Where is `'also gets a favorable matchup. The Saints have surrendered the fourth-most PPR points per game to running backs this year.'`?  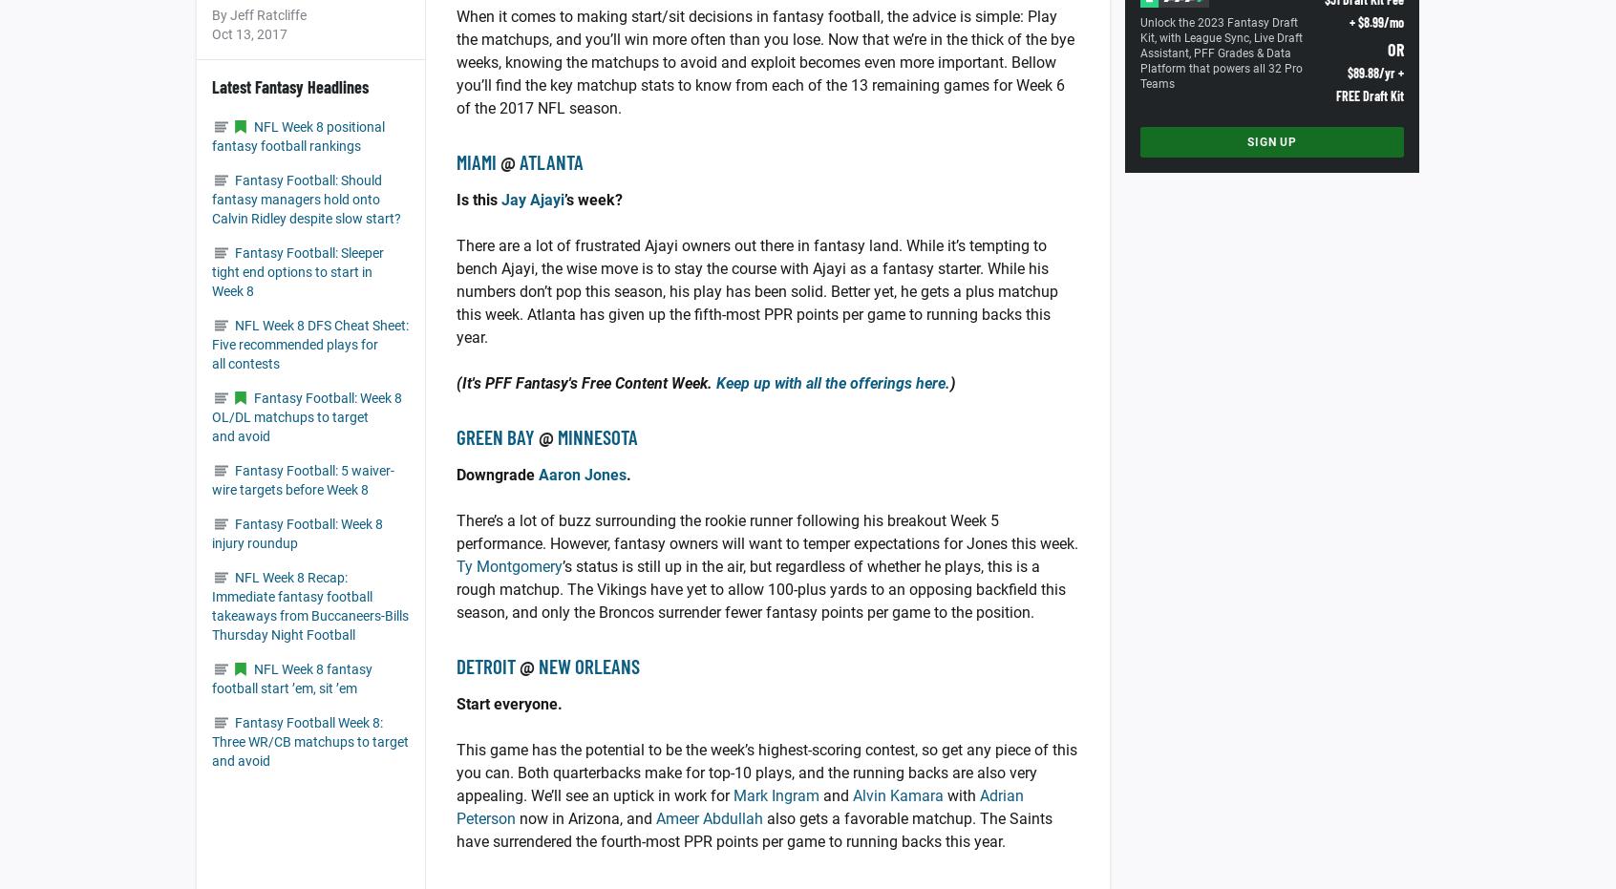
'also gets a favorable matchup. The Saints have surrendered the fourth-most PPR points per game to running backs this year.' is located at coordinates (754, 830).